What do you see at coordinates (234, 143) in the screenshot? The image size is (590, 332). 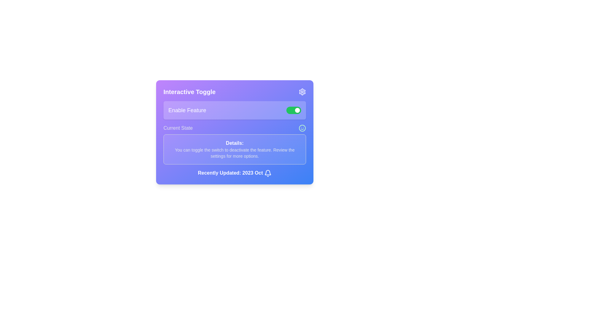 I see `the text label that reads 'Details:', which is styled in white color and located below and to the right of the 'Current State' label` at bounding box center [234, 143].